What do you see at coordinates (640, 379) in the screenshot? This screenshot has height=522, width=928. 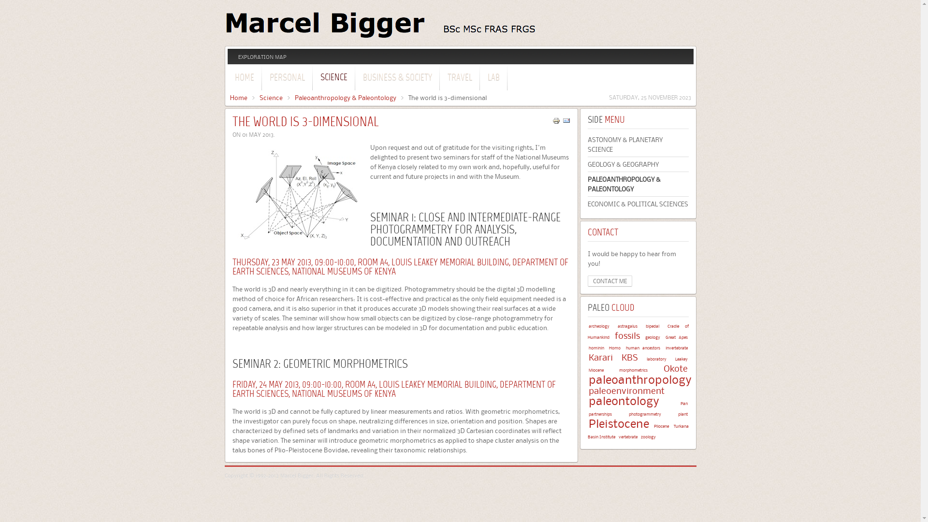 I see `'paleoanthropology'` at bounding box center [640, 379].